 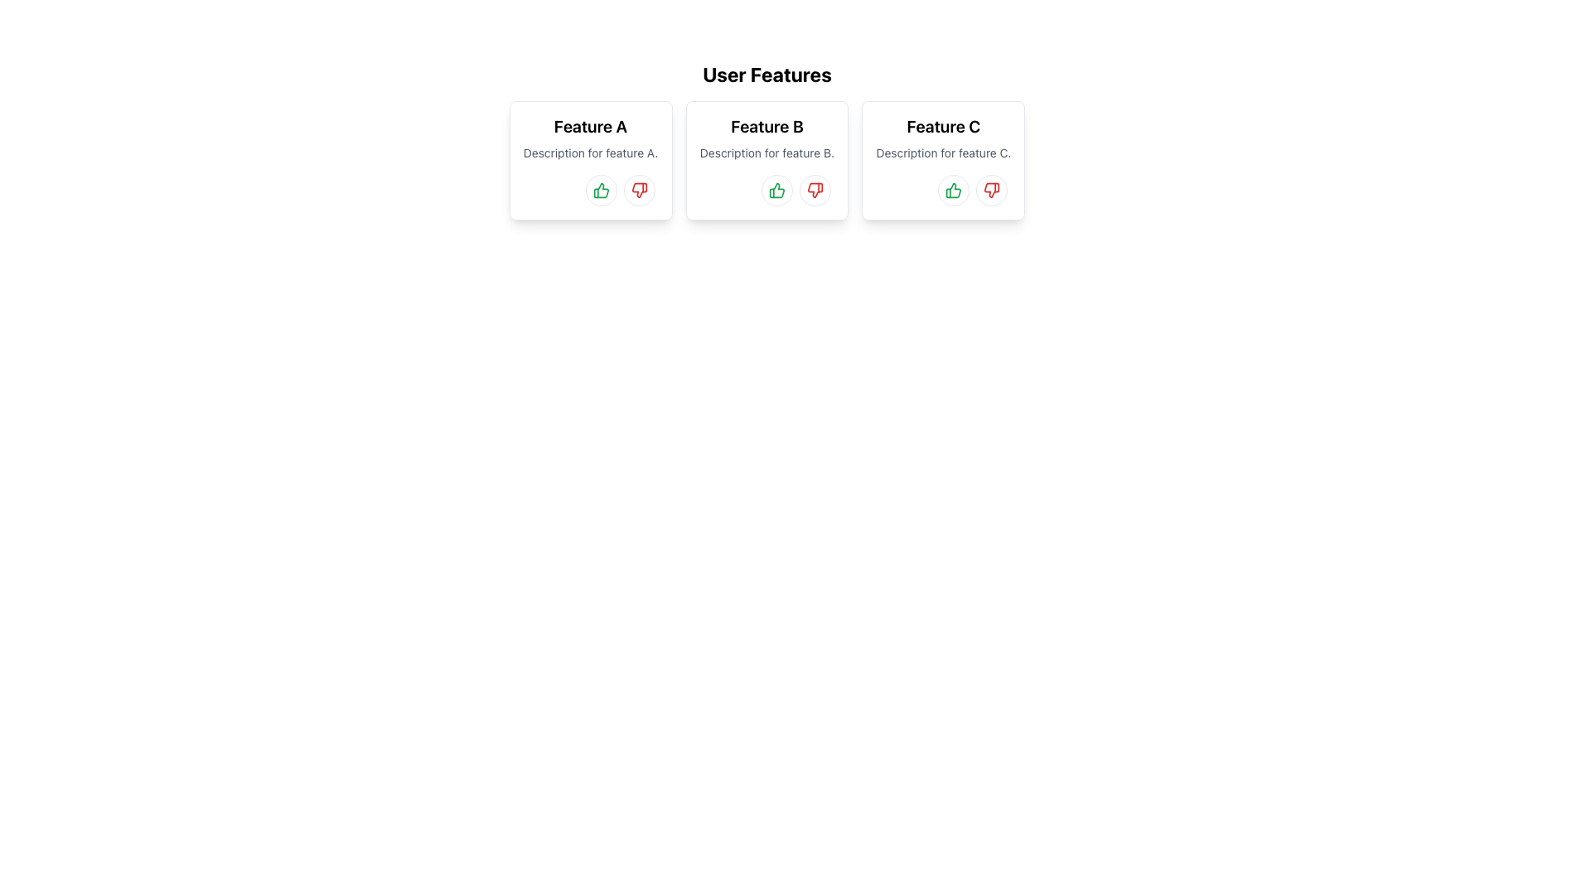 I want to click on the green thumbs-up button located in the bottom-right corner of the 'Feature A' card, so click(x=591, y=190).